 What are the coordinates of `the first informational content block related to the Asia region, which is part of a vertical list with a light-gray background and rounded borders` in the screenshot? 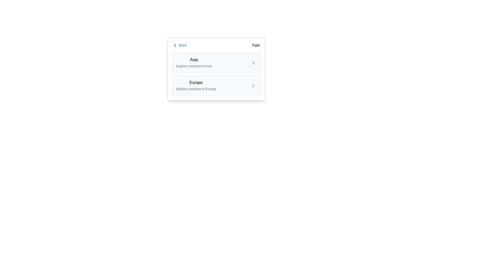 It's located at (194, 62).